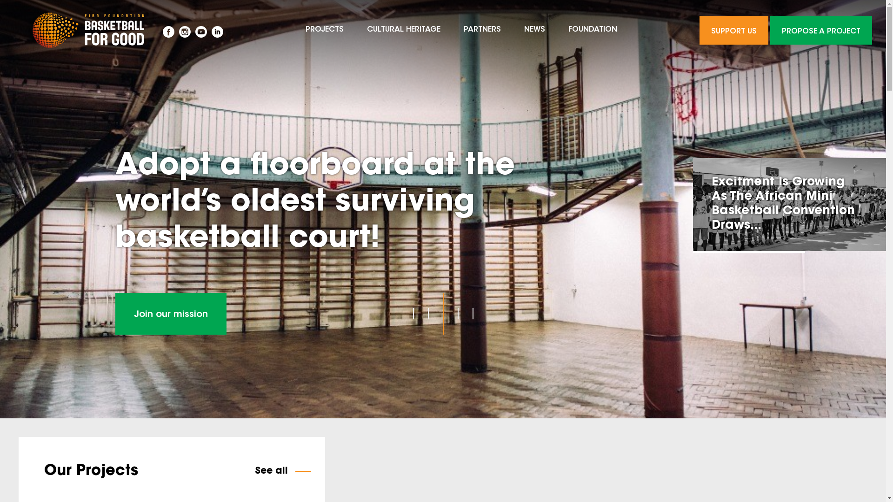  What do you see at coordinates (293, 30) in the screenshot?
I see `'PROJECTS'` at bounding box center [293, 30].